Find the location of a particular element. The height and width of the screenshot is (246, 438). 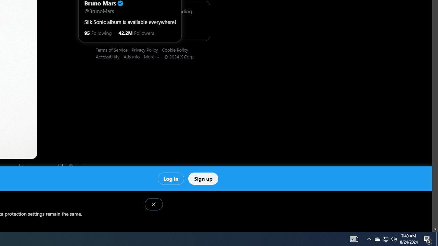

'95 Following' is located at coordinates (98, 32).